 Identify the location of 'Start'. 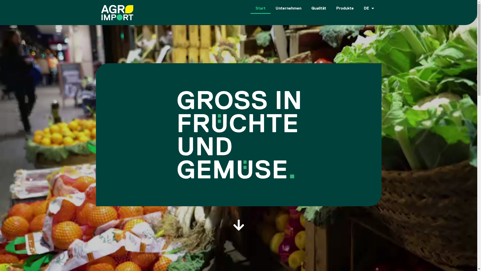
(261, 8).